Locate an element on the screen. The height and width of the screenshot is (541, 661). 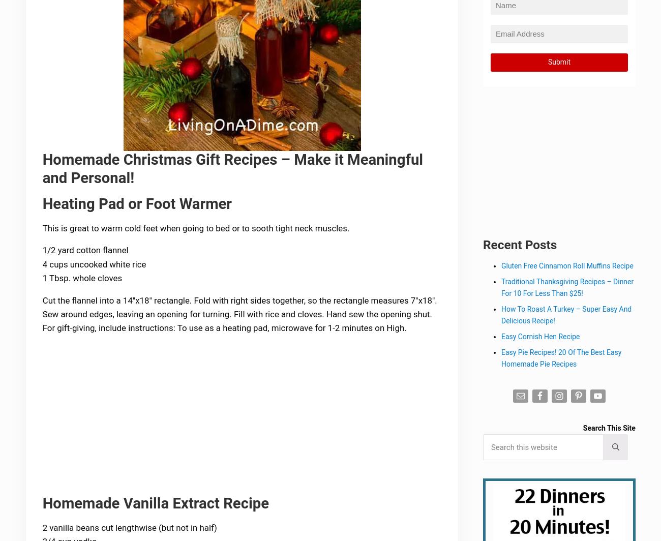
'Homemade Christmas Gift Recipes – Make it Meaningful and Personal!' is located at coordinates (43, 169).